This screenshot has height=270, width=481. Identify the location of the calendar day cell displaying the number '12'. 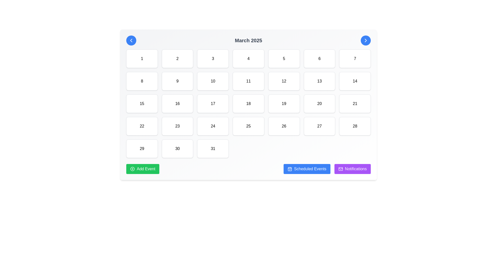
(284, 81).